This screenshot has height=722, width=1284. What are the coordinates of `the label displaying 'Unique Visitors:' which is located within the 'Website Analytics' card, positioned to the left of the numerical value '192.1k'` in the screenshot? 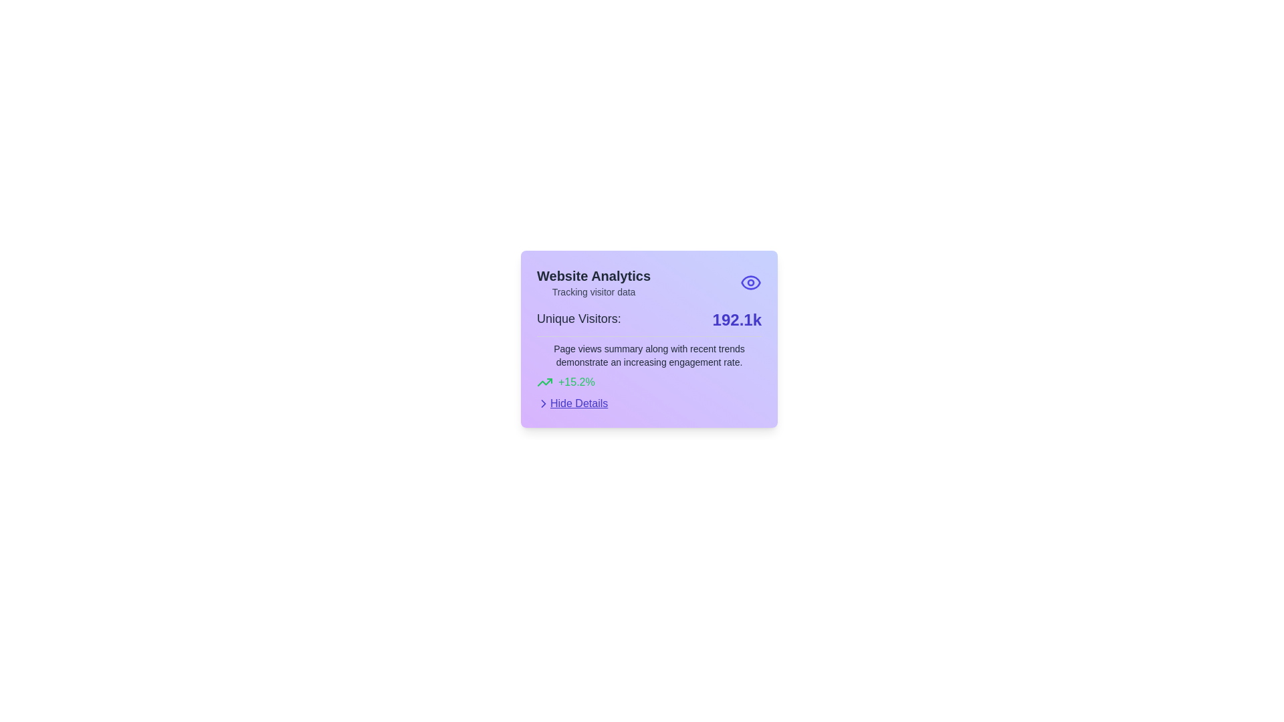 It's located at (578, 320).